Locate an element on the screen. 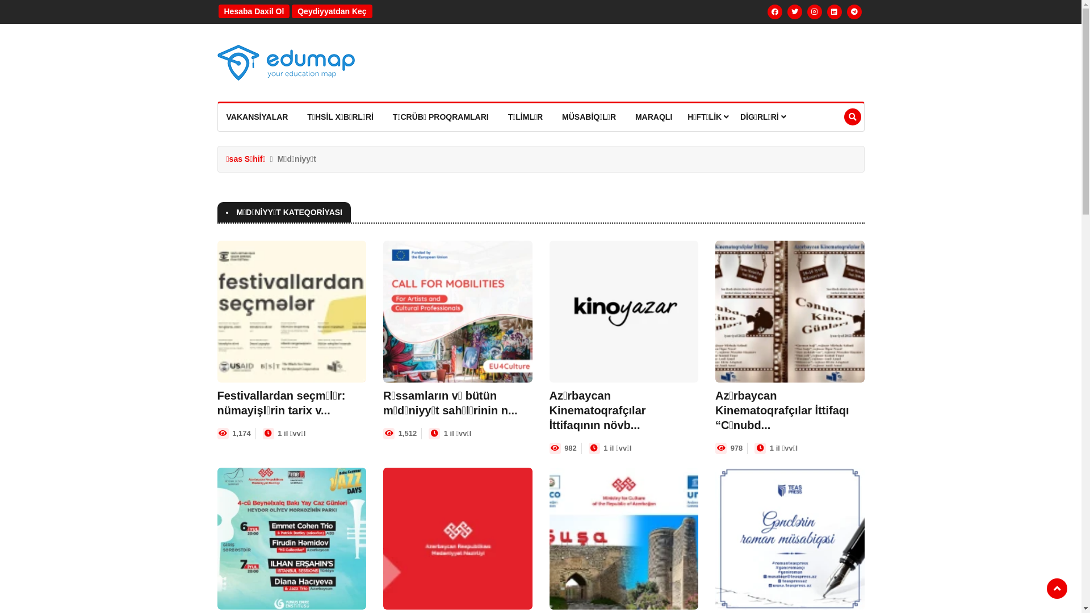  'Telegram' is located at coordinates (847, 11).